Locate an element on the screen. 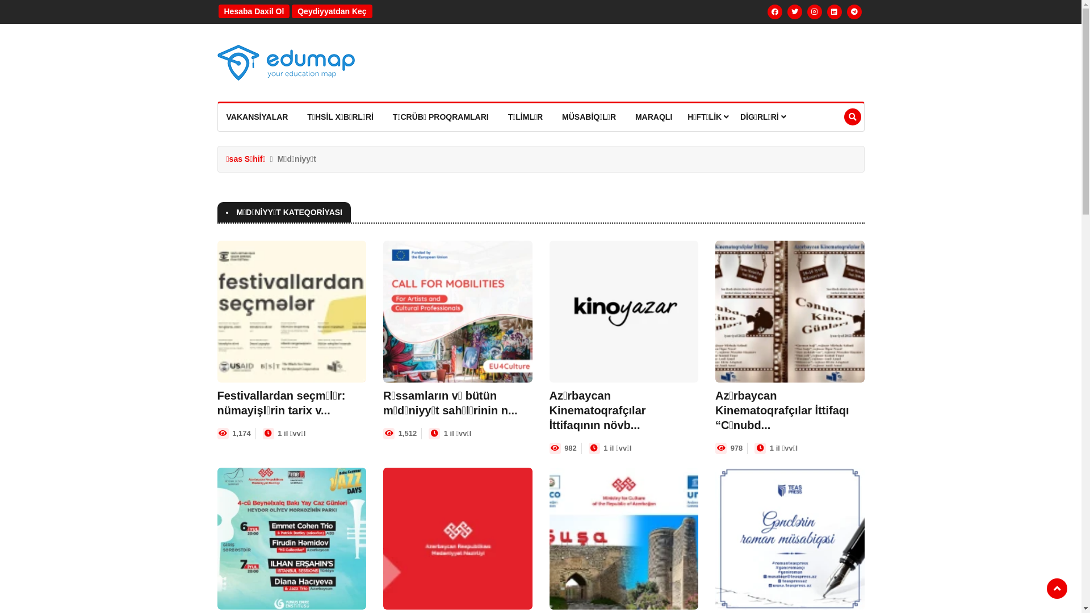  'Telegram' is located at coordinates (847, 11).